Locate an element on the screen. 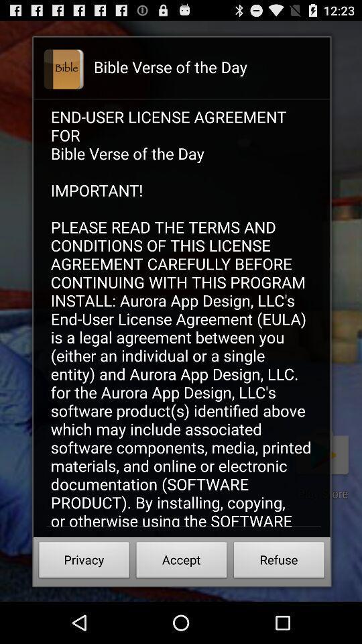 The width and height of the screenshot is (362, 644). button next to accept is located at coordinates (278, 561).